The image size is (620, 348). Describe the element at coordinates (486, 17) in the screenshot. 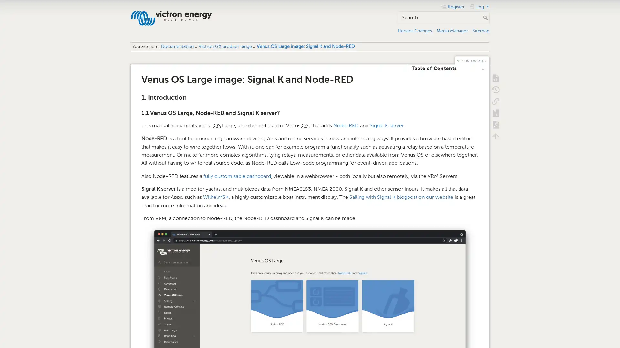

I see `Search` at that location.